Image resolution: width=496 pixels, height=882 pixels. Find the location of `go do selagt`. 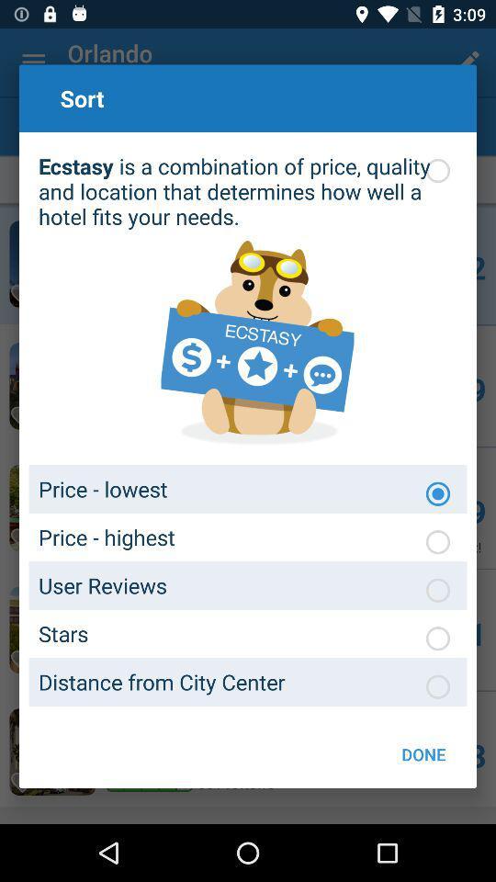

go do selagt is located at coordinates (436, 542).